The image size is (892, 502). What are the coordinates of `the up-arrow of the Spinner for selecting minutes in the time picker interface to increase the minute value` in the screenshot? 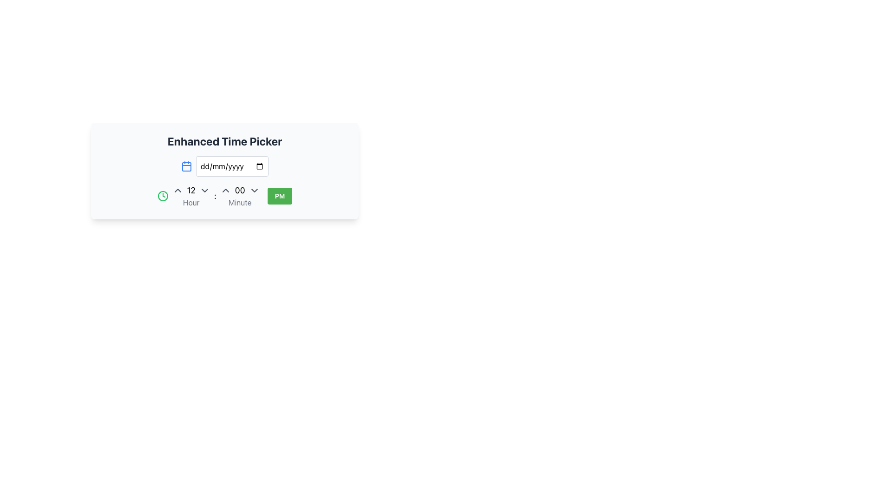 It's located at (240, 195).